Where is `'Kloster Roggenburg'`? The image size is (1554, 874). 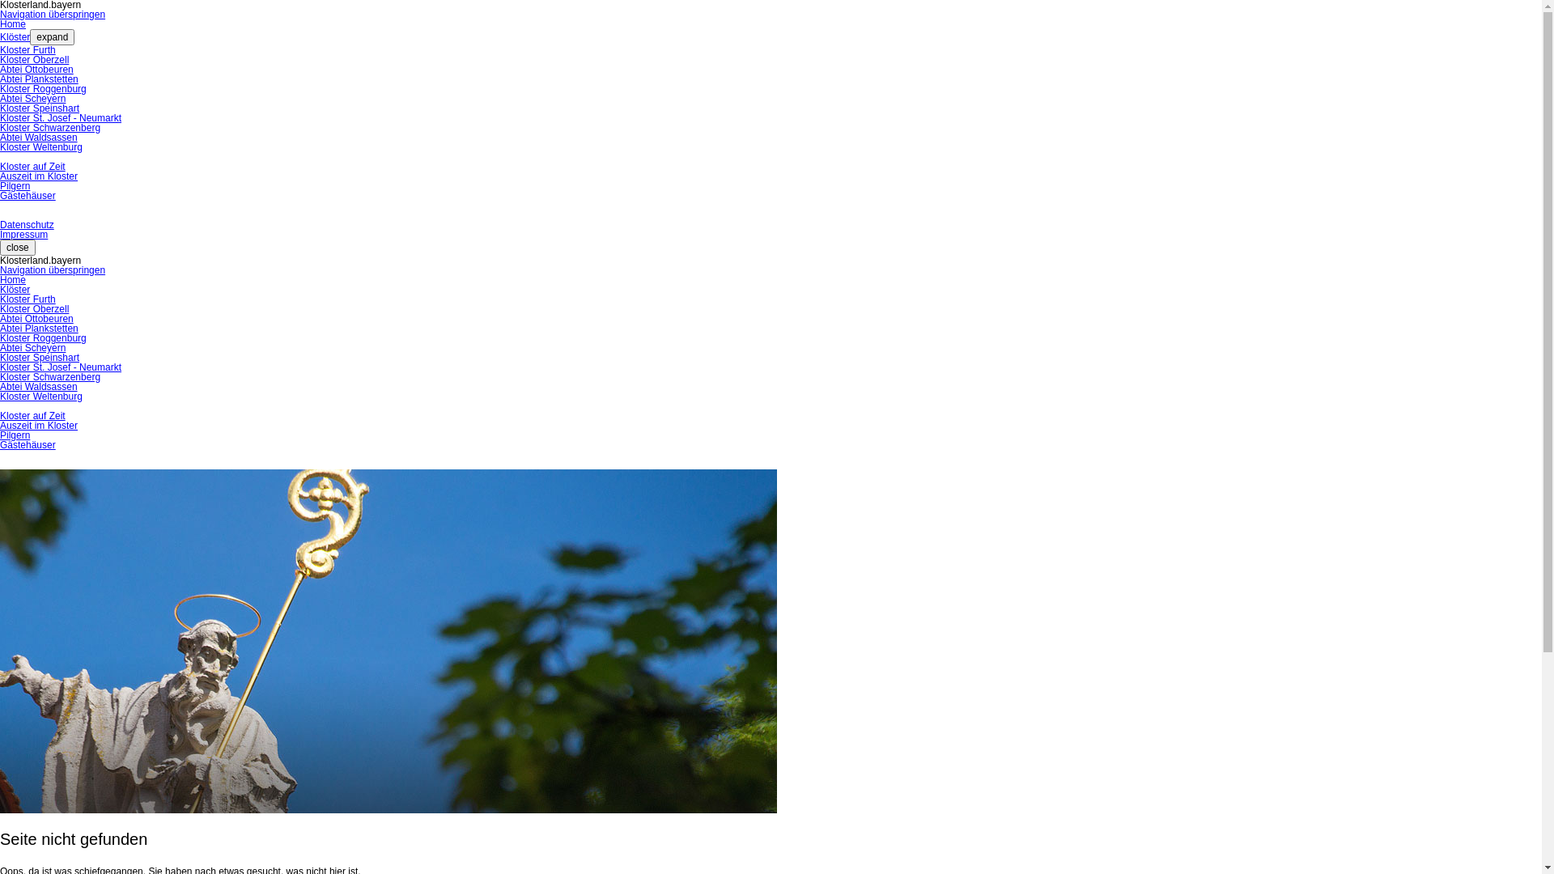
'Kloster Roggenburg' is located at coordinates (0, 337).